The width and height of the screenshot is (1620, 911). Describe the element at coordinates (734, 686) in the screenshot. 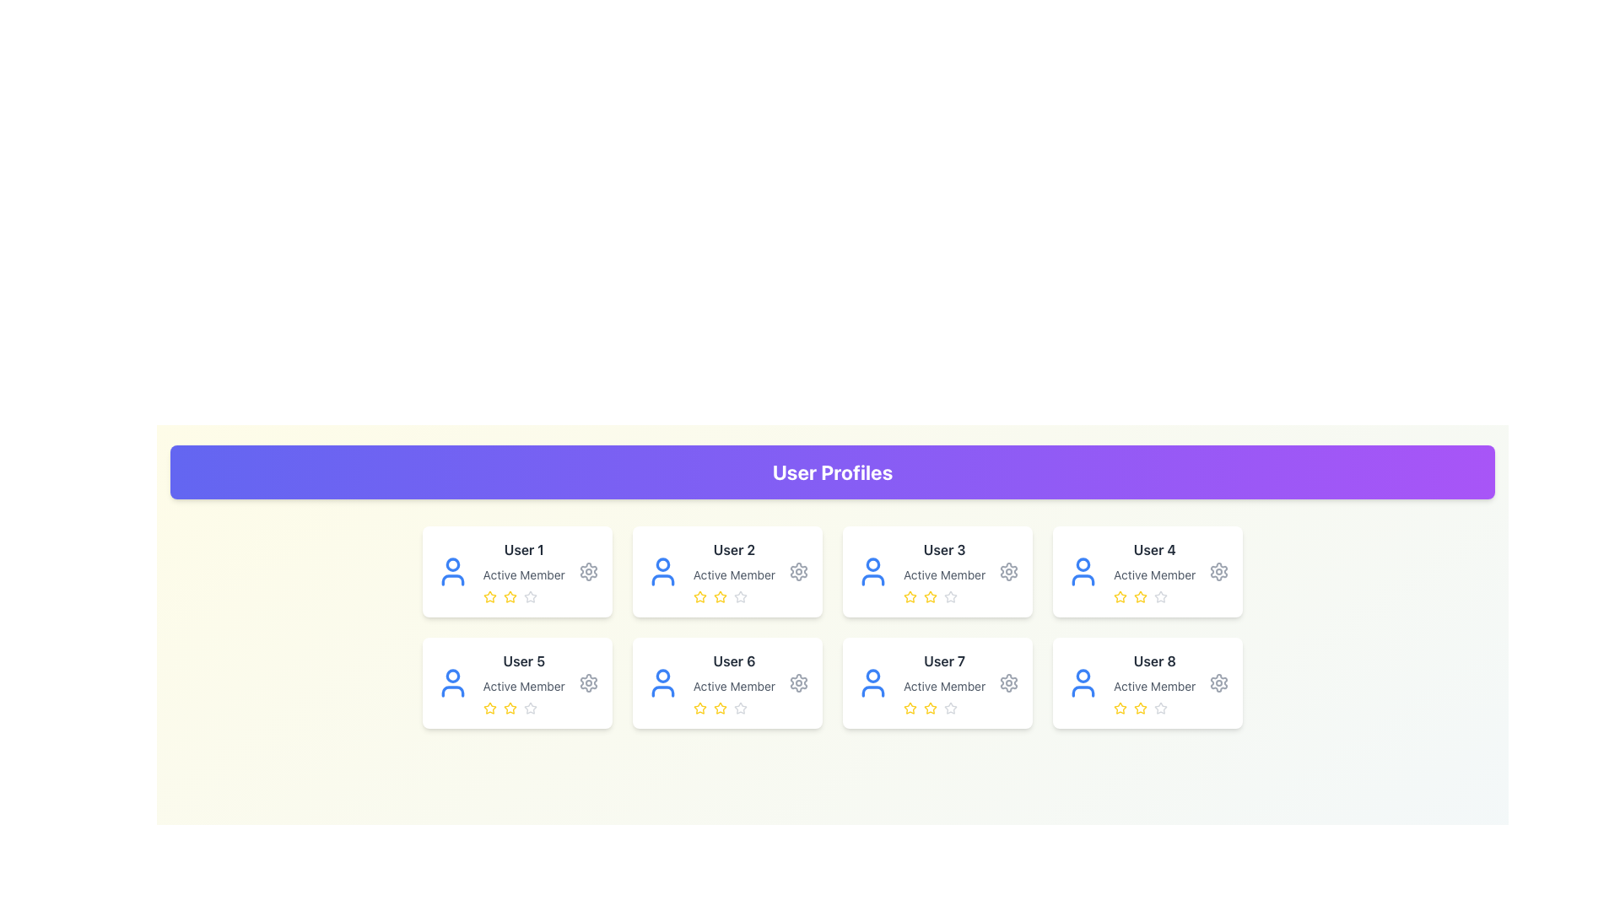

I see `the text label reading 'Active Member' styled with gray color and small font size, located below 'User 6' in the user profile card` at that location.